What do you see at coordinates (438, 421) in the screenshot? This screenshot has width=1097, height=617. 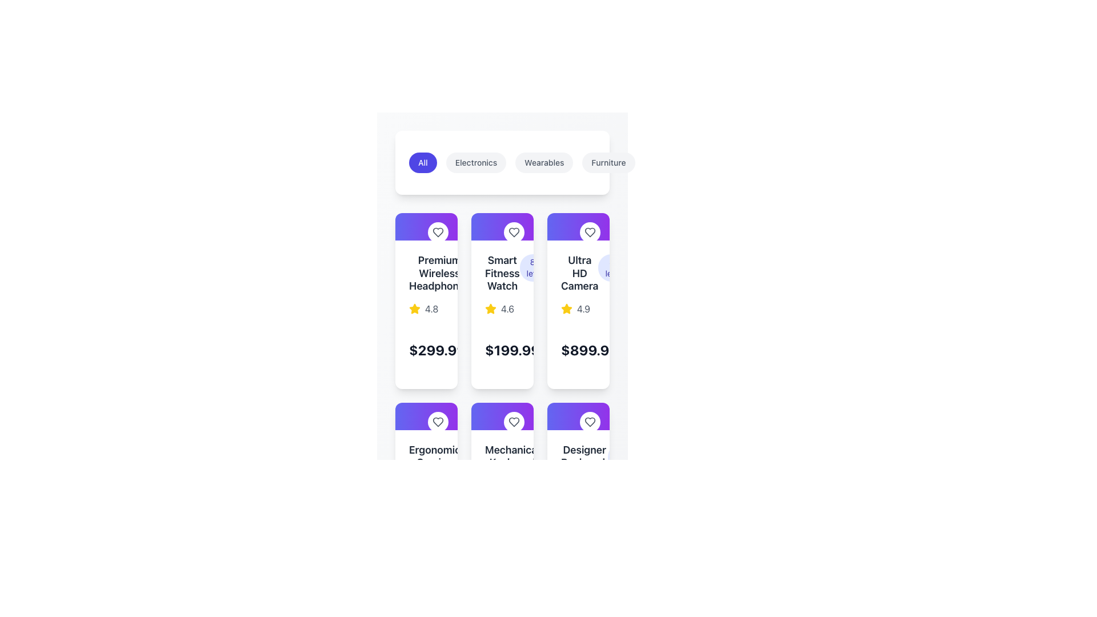 I see `the heart icon button, which is a circular button with a white background and a gray heart shape` at bounding box center [438, 421].